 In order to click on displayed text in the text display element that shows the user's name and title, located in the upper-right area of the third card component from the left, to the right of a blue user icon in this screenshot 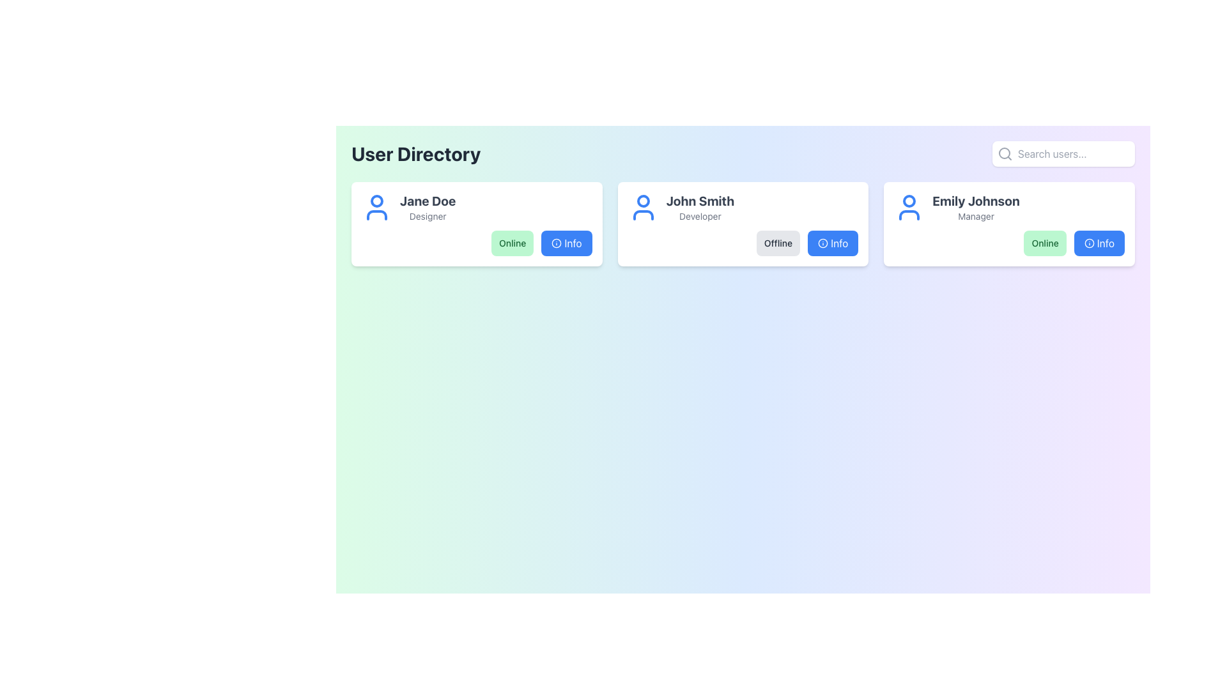, I will do `click(975, 206)`.